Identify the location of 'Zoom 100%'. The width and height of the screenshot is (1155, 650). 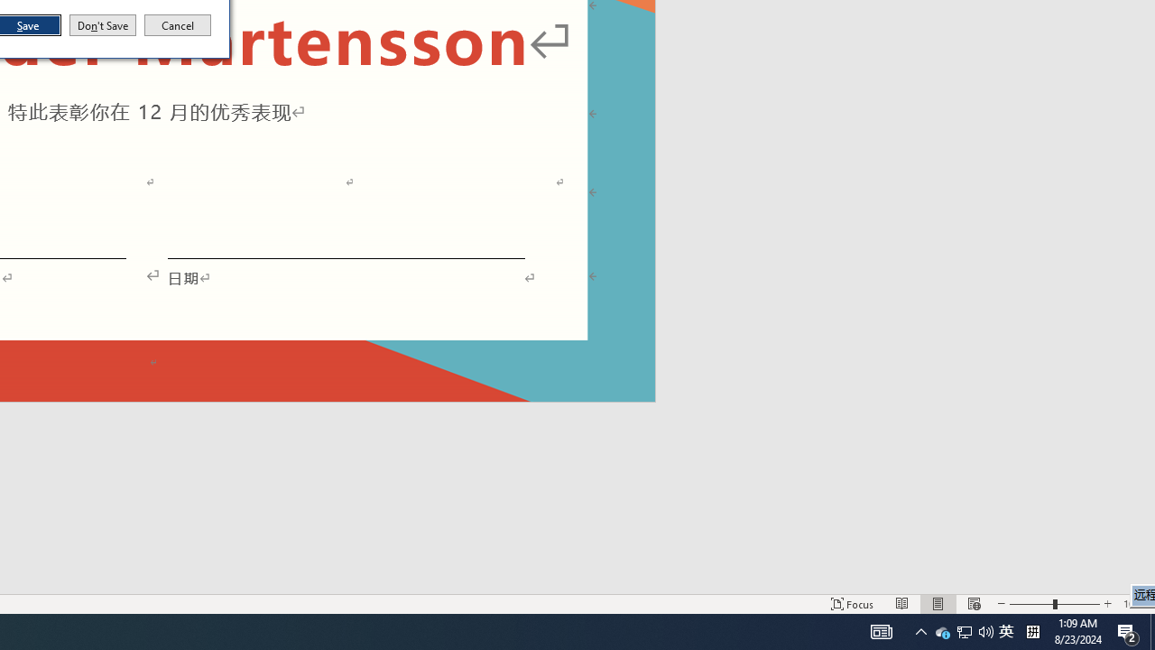
(1134, 604).